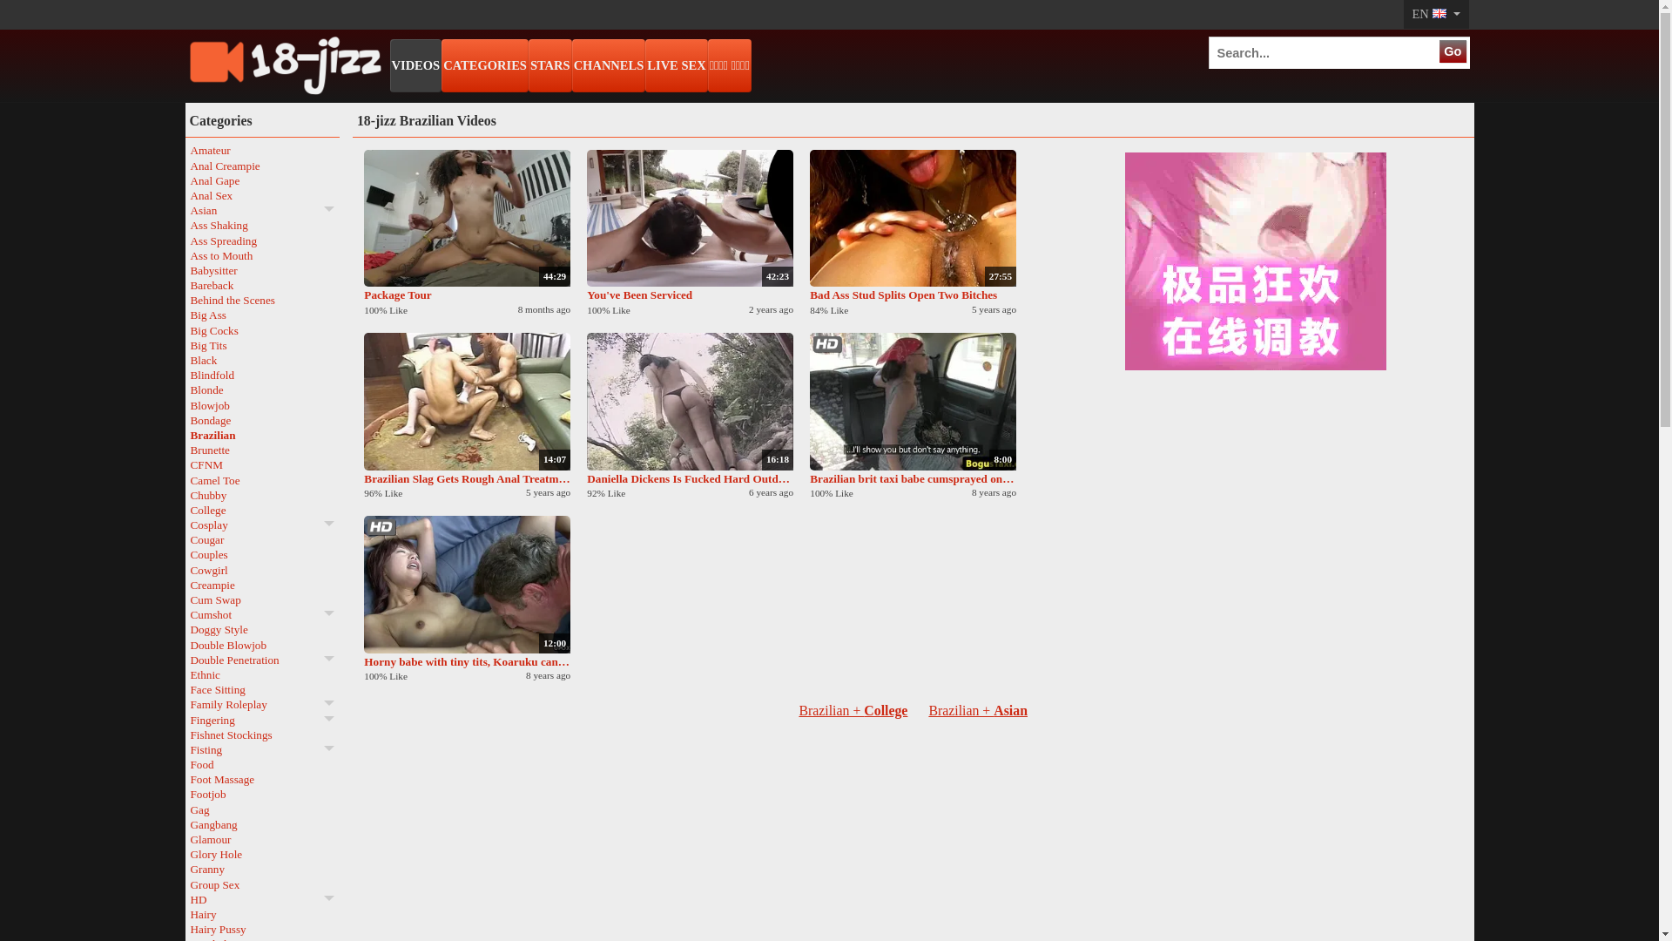  I want to click on 'Behind the Scenes', so click(261, 299).